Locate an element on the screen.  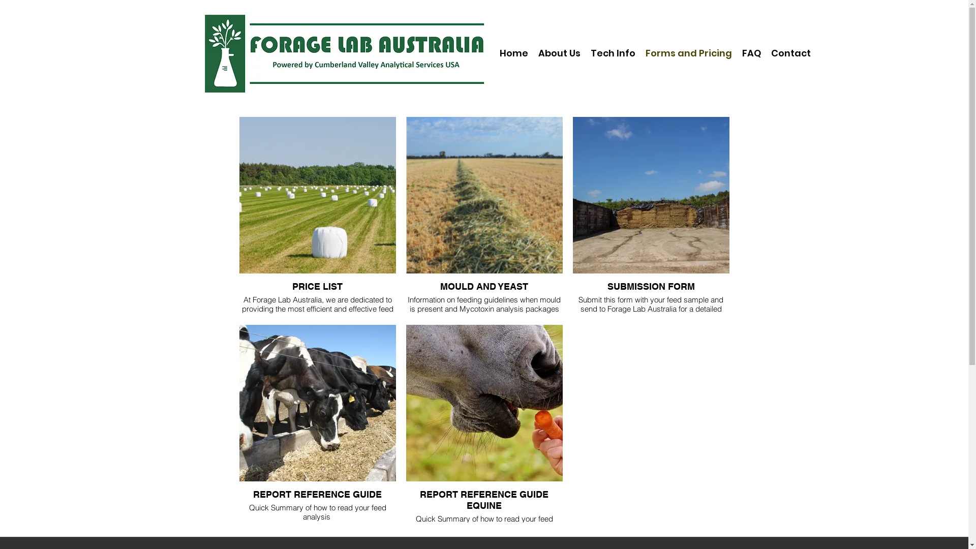
'Contact' is located at coordinates (790, 53).